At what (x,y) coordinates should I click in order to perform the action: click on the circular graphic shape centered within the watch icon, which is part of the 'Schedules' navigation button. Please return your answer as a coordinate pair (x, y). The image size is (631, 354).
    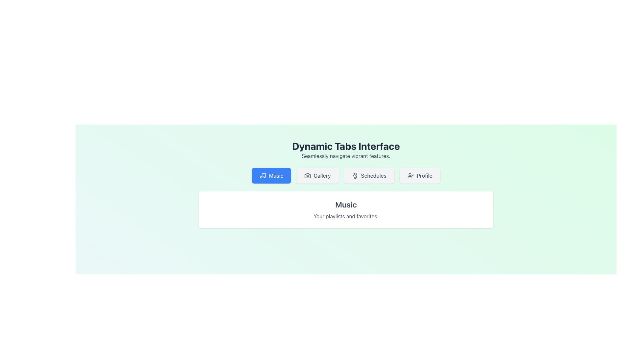
    Looking at the image, I should click on (355, 175).